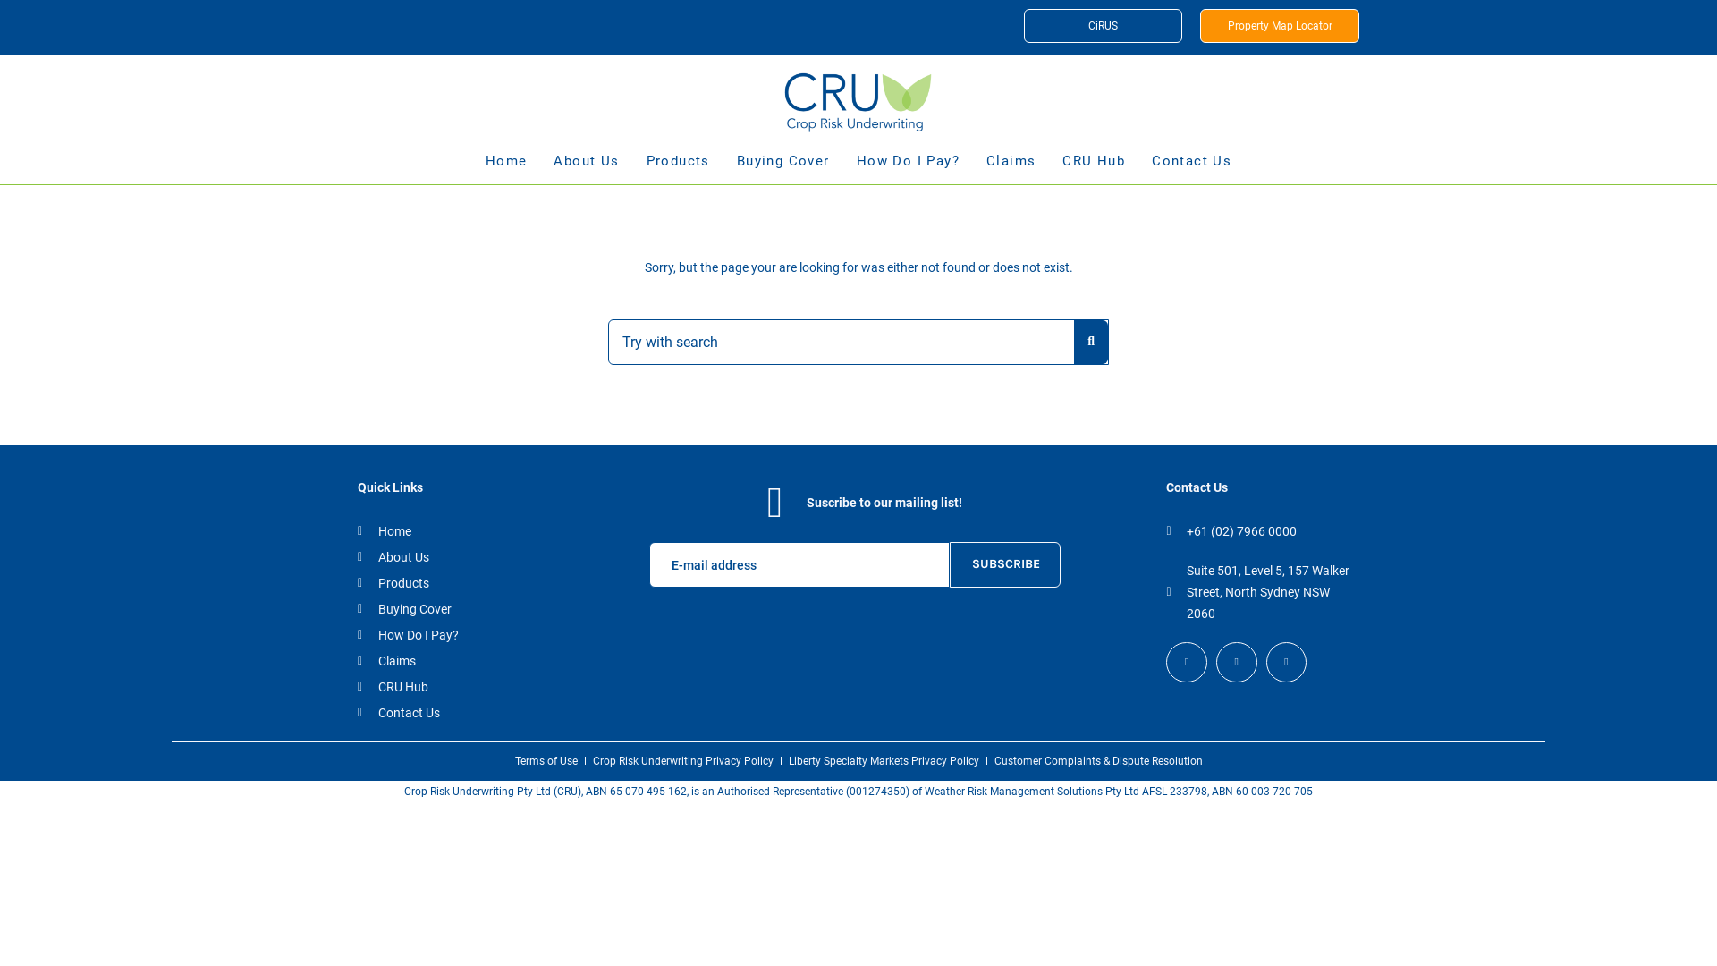 The image size is (1717, 966). What do you see at coordinates (586, 168) in the screenshot?
I see `'About Us'` at bounding box center [586, 168].